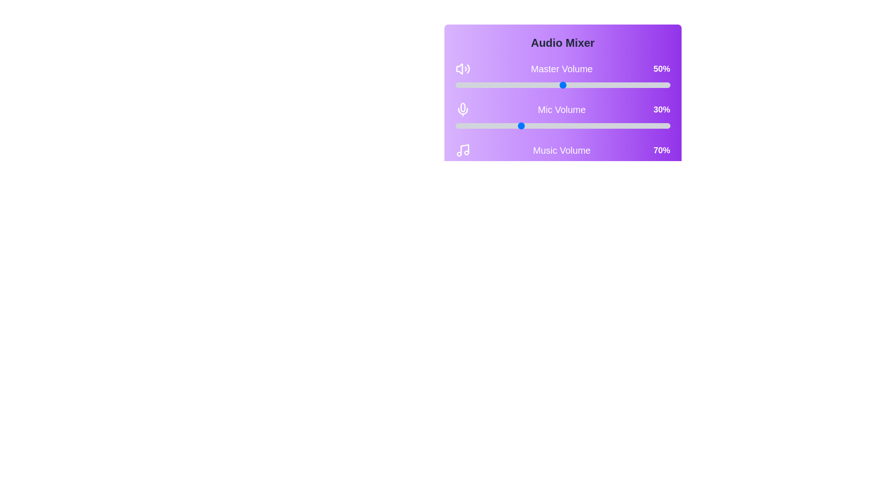 The image size is (889, 500). I want to click on the microphone volume, so click(550, 126).